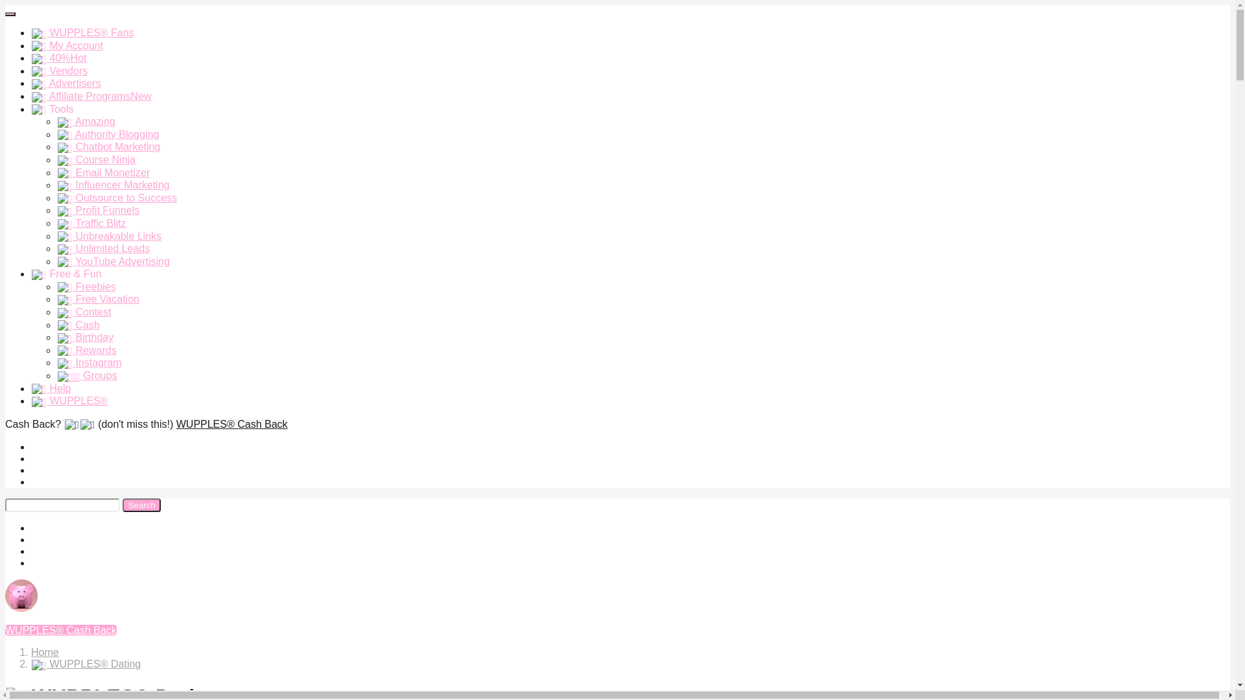 The height and width of the screenshot is (700, 1245). Describe the element at coordinates (102, 172) in the screenshot. I see `'Email Monetizer'` at that location.